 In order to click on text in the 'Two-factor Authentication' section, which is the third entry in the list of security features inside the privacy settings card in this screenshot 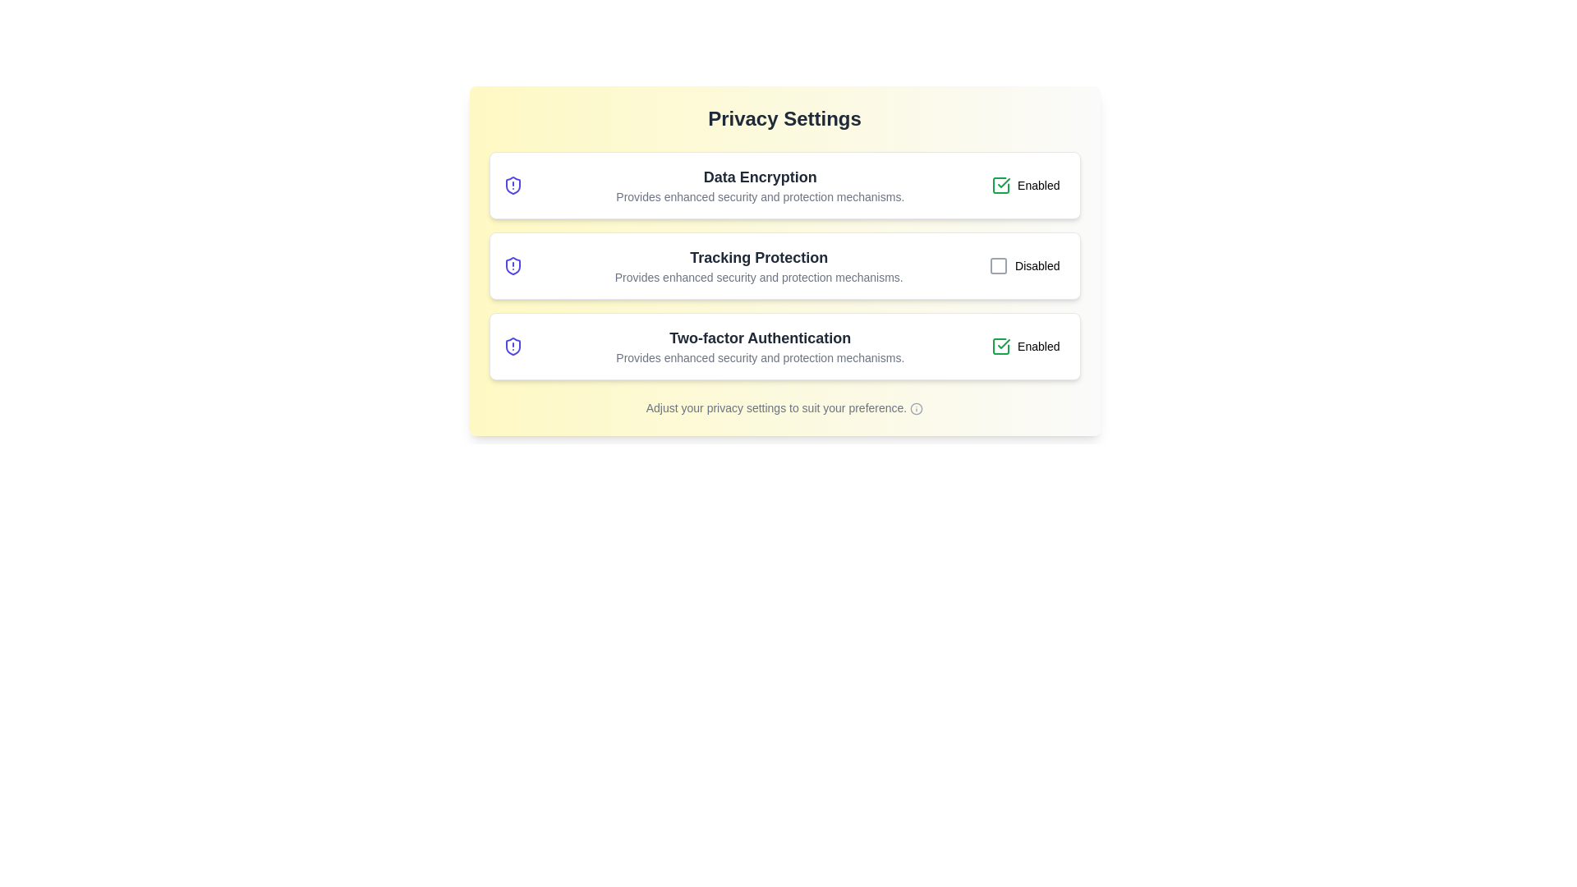, I will do `click(759, 345)`.